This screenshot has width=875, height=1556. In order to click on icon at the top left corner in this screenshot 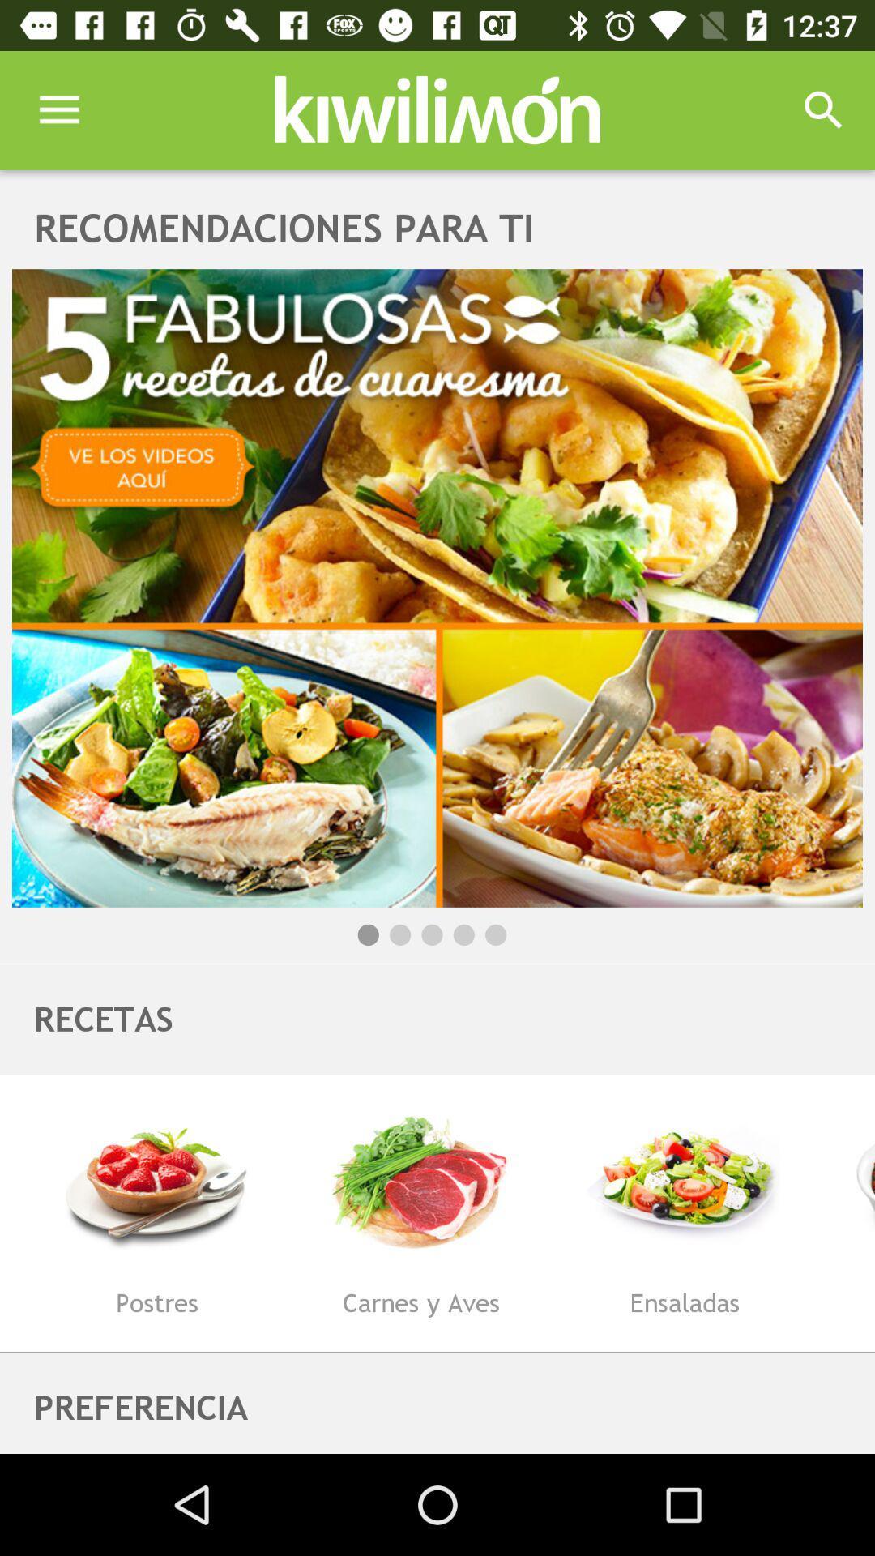, I will do `click(58, 109)`.